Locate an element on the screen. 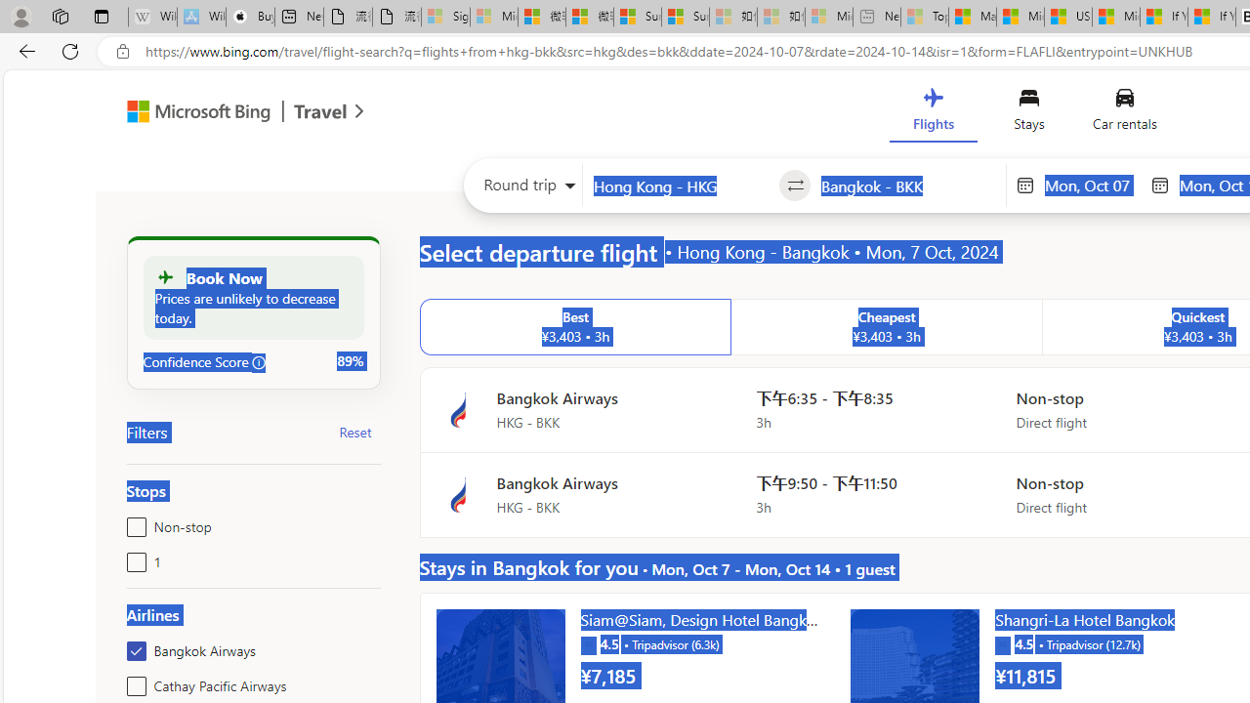  'Microsoft Bing Travel' is located at coordinates (225, 114).